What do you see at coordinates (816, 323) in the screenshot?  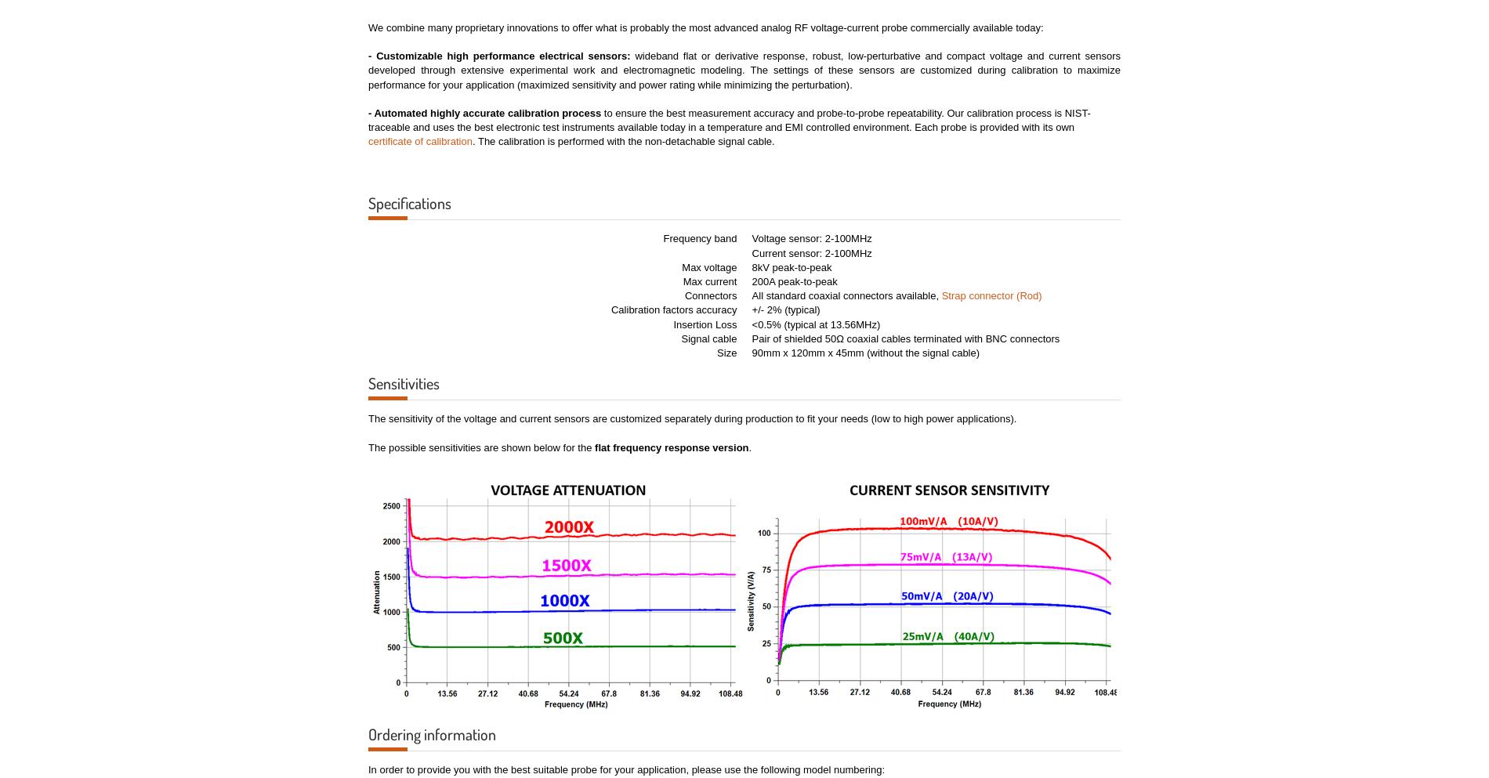 I see `'<0.5% (typical at 13.56MHz)'` at bounding box center [816, 323].